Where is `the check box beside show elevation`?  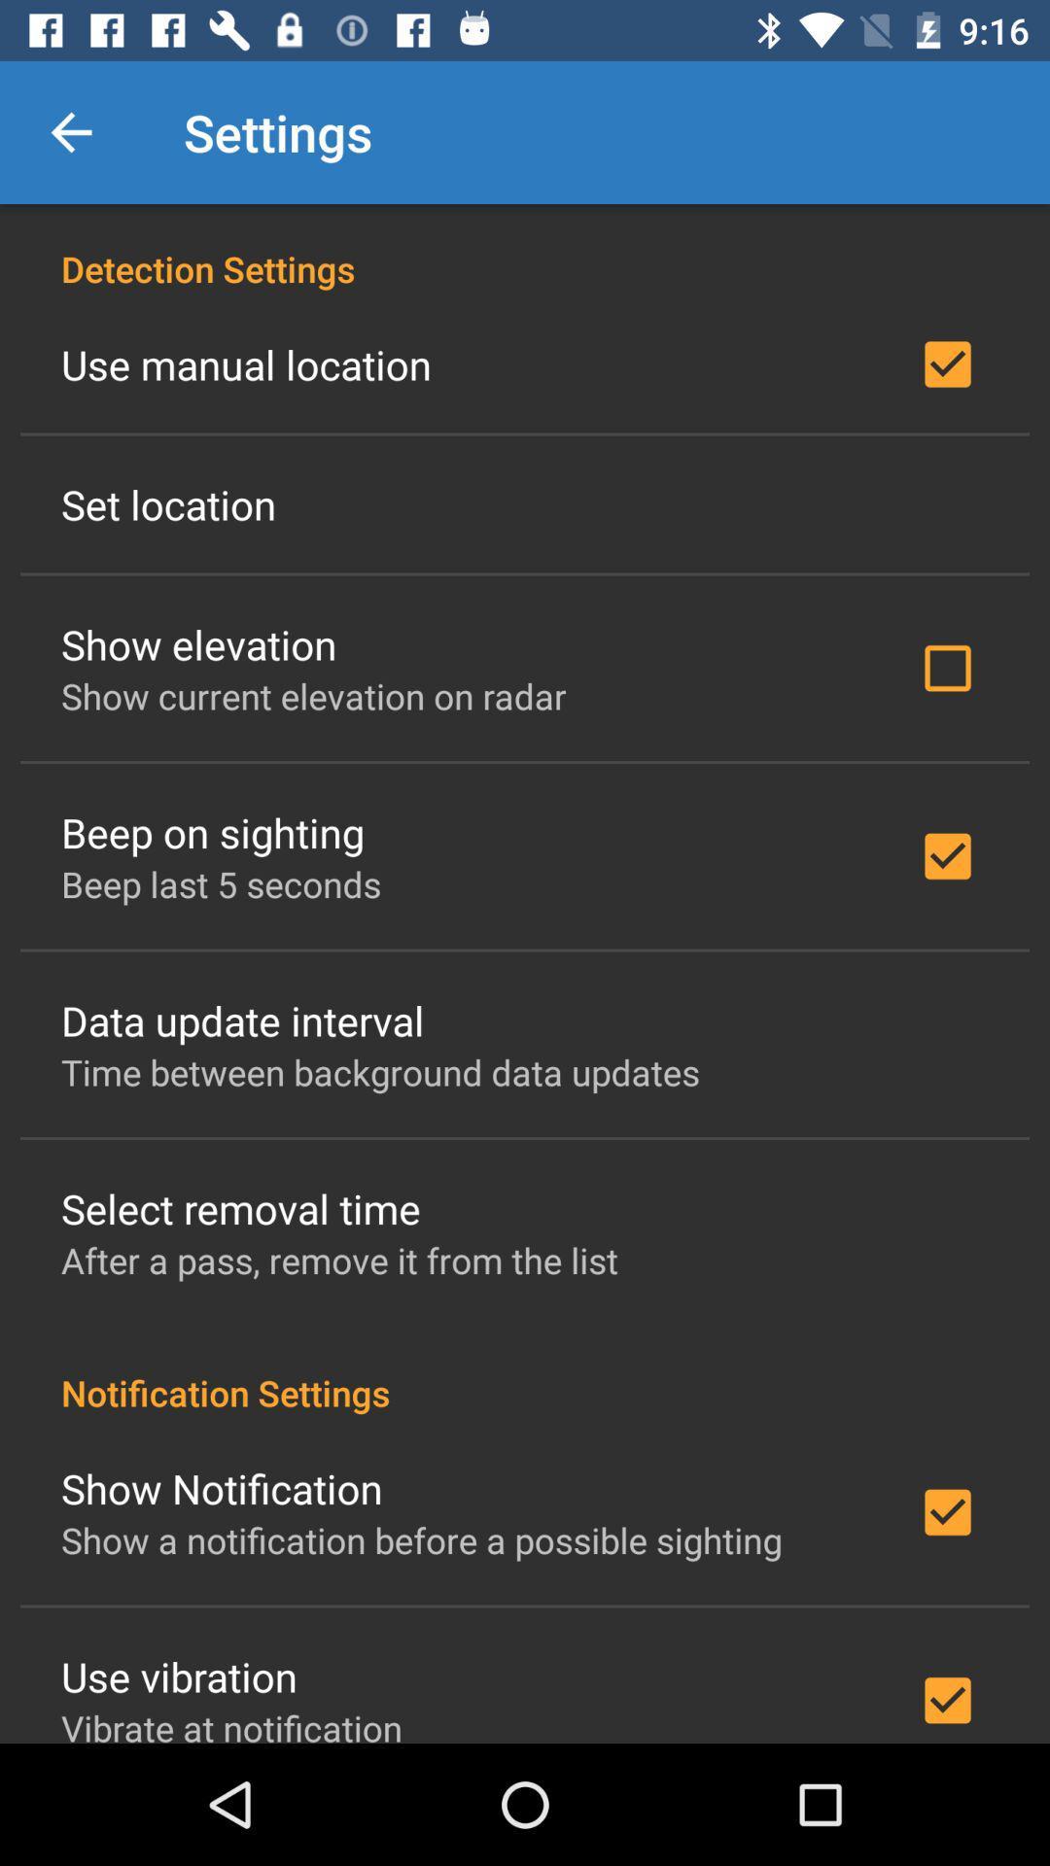 the check box beside show elevation is located at coordinates (947, 668).